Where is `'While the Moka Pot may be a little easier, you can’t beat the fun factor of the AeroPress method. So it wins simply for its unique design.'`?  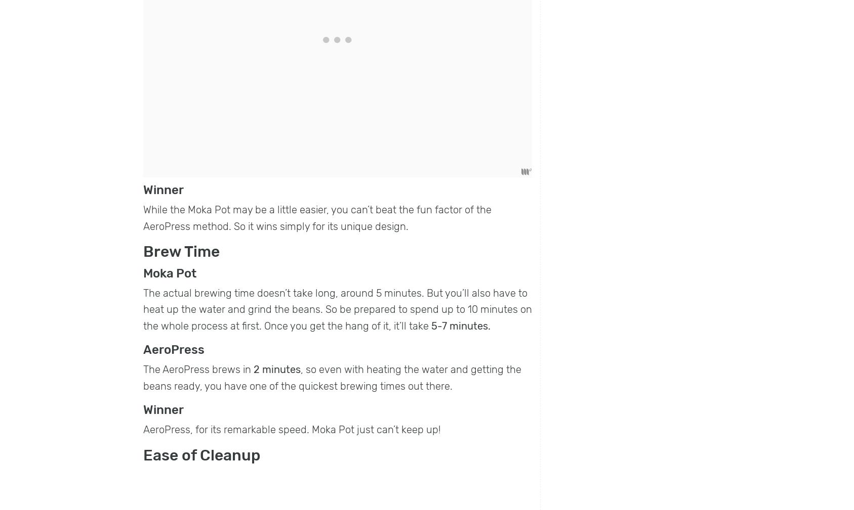 'While the Moka Pot may be a little easier, you can’t beat the fun factor of the AeroPress method. So it wins simply for its unique design.' is located at coordinates (317, 217).